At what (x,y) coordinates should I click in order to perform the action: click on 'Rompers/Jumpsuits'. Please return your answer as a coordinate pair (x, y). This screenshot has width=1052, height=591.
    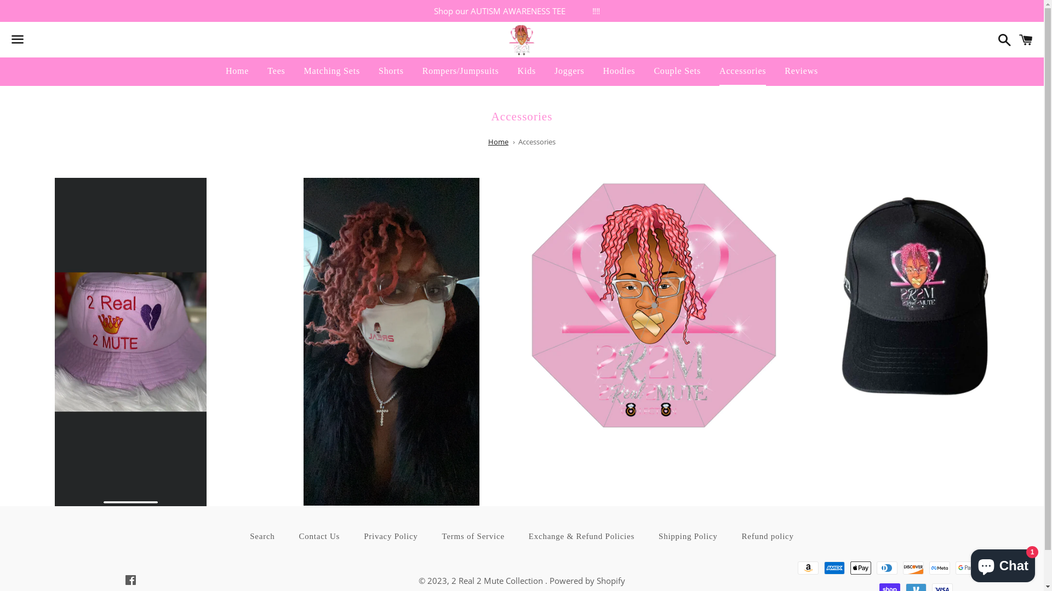
    Looking at the image, I should click on (460, 71).